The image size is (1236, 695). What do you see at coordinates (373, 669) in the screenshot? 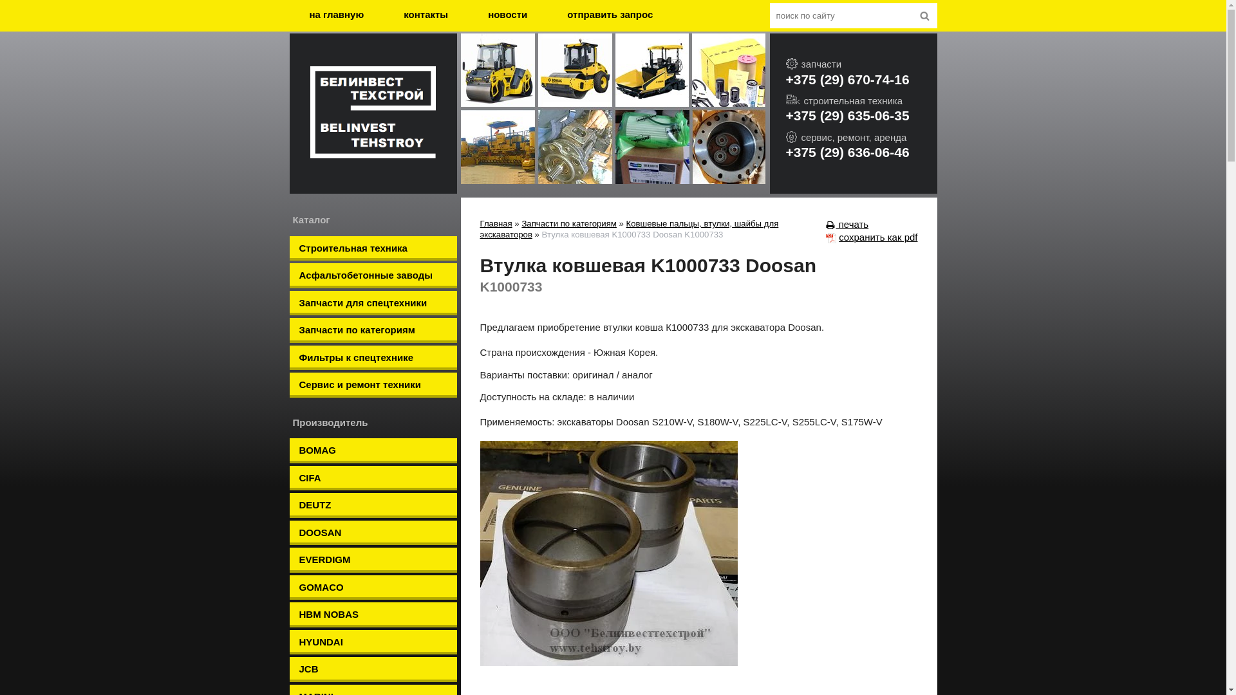
I see `'JCB'` at bounding box center [373, 669].